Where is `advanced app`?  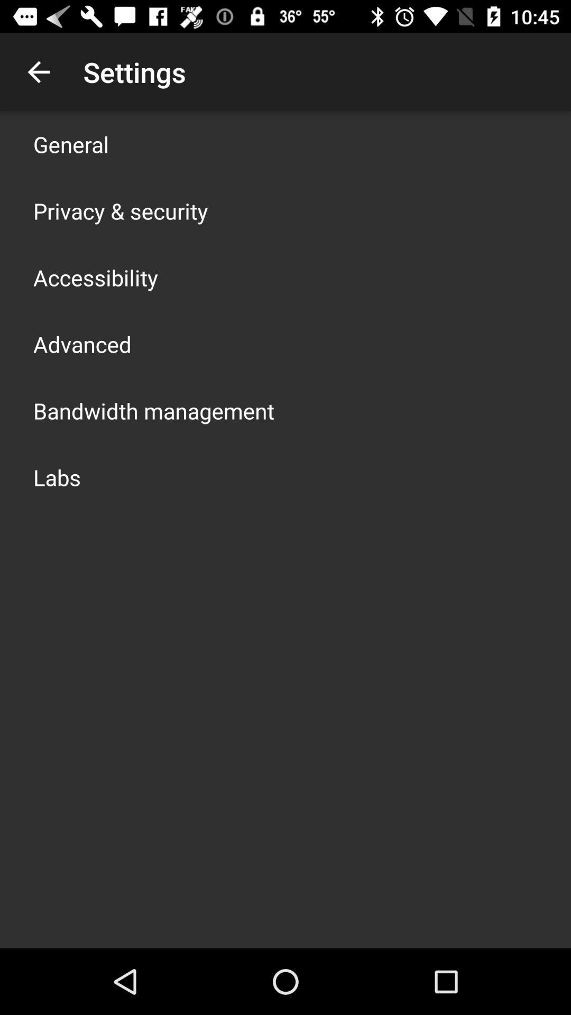
advanced app is located at coordinates (81, 344).